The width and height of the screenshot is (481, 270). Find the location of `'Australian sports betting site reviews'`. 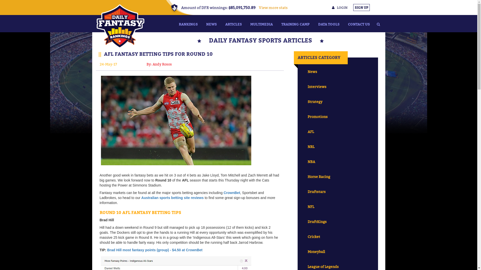

'Australian sports betting site reviews' is located at coordinates (141, 197).